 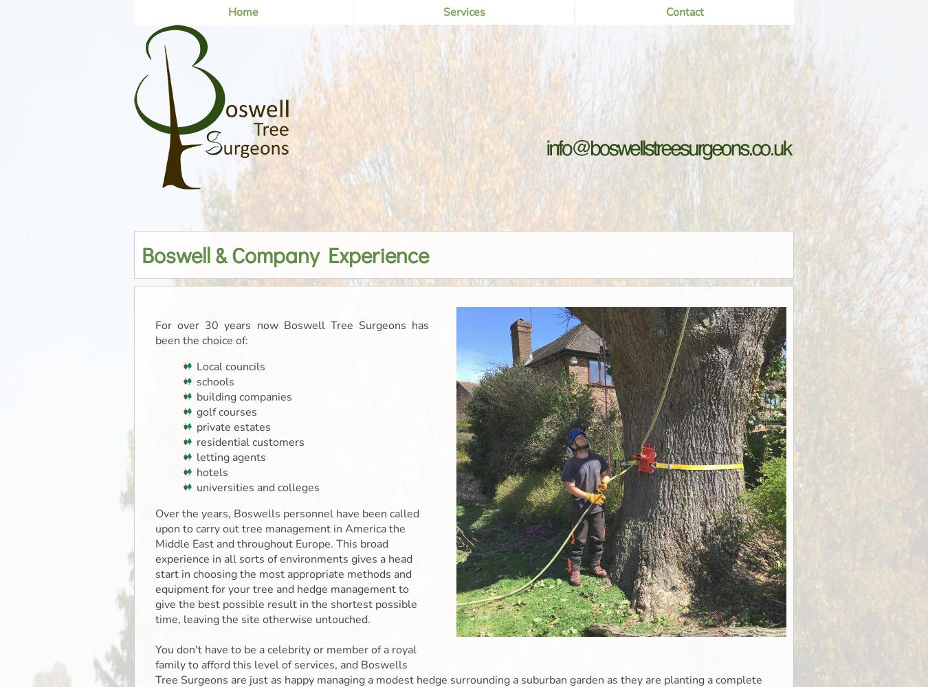 What do you see at coordinates (196, 458) in the screenshot?
I see `'letting agents'` at bounding box center [196, 458].